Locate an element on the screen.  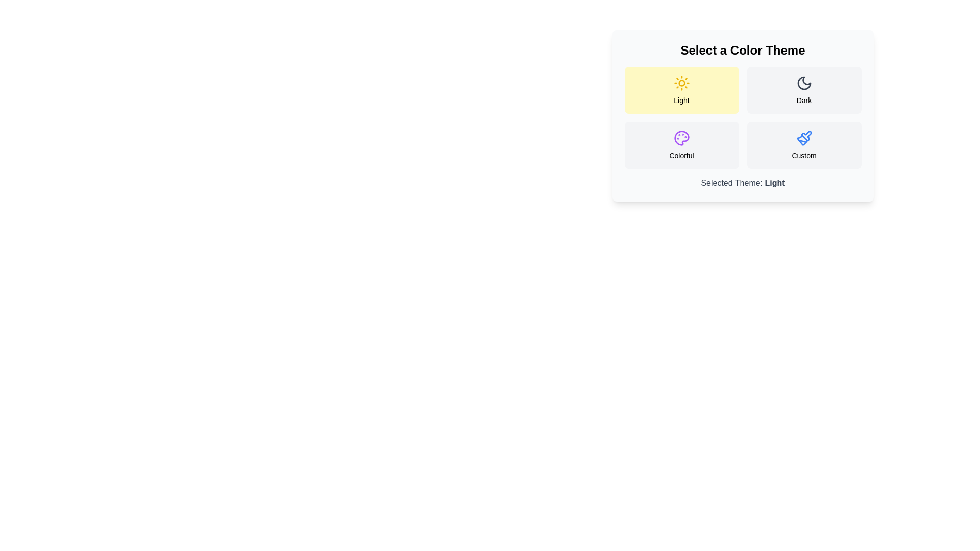
the theme button labeled 'Colorful' to observe its hover effect is located at coordinates (681, 145).